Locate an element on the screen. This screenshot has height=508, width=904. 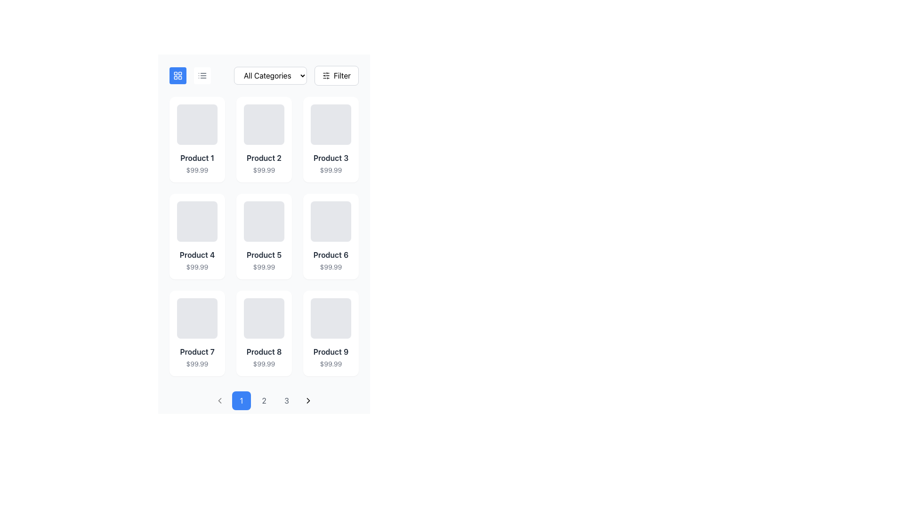
the text label displaying the price '$99.99' located below the product title 'Product 9' in the ninth product card is located at coordinates (331, 364).